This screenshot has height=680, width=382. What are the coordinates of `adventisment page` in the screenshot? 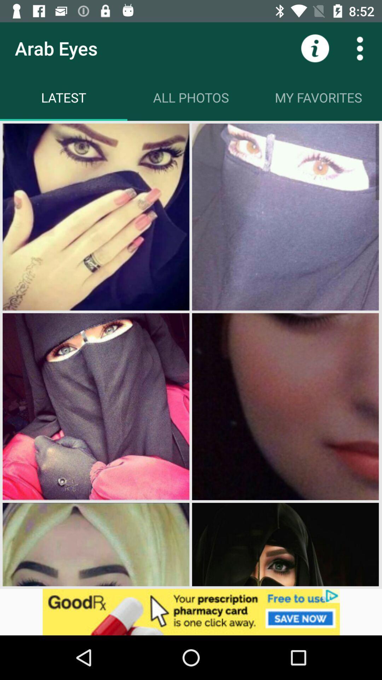 It's located at (191, 612).